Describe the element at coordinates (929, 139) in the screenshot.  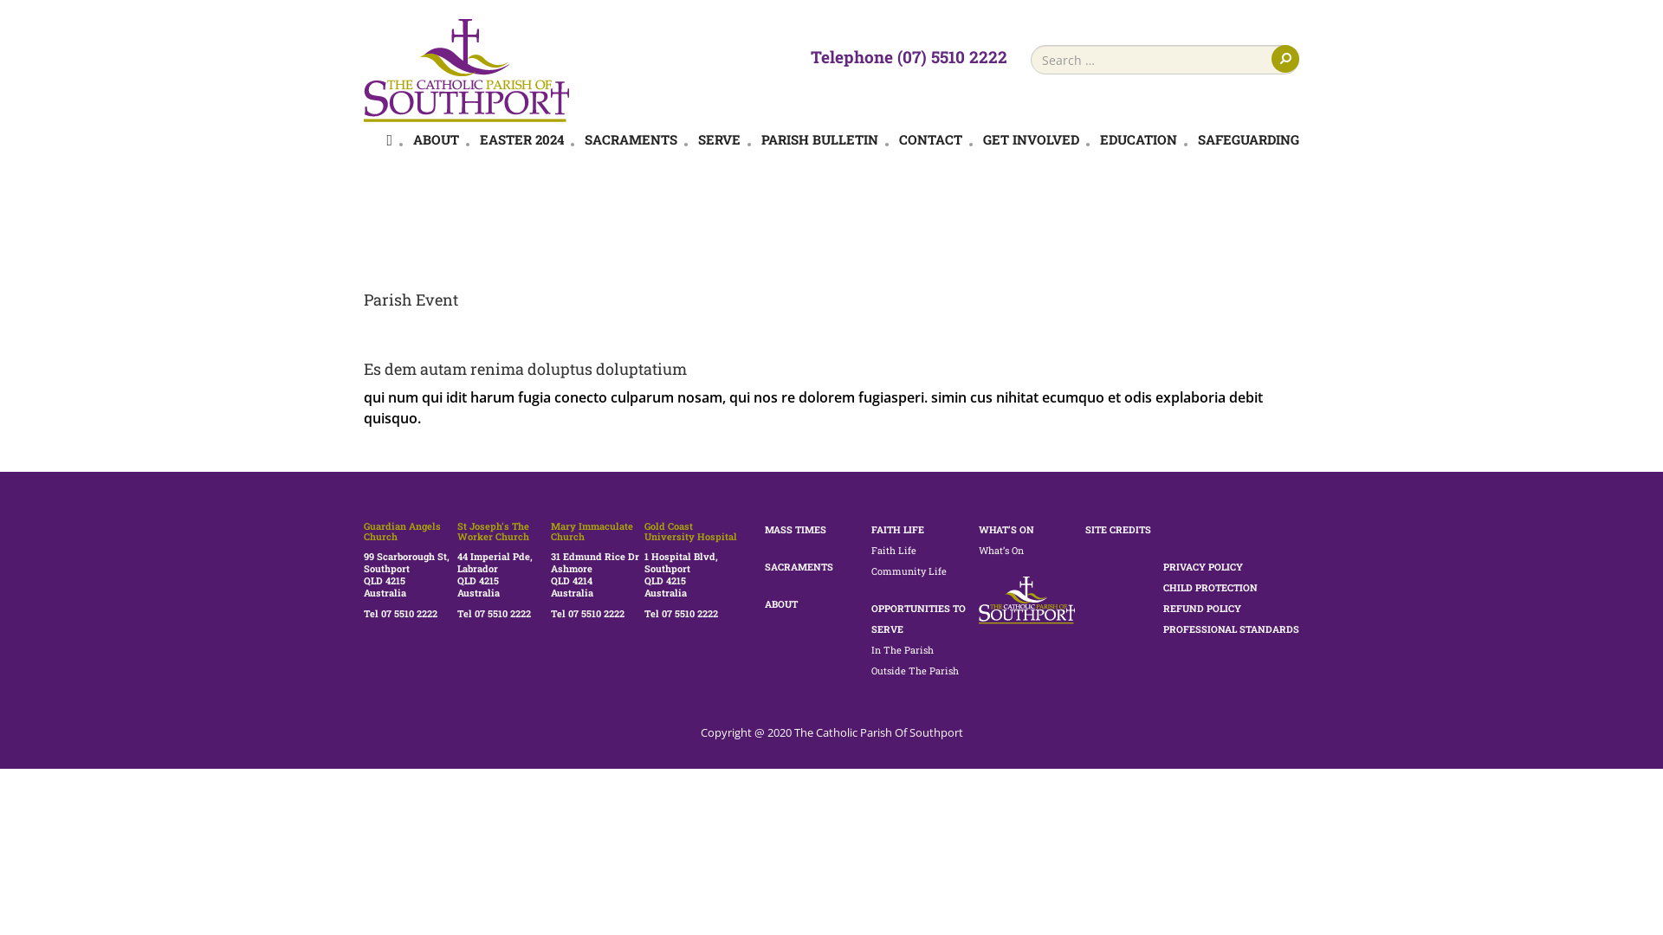
I see `'CONTACT'` at that location.